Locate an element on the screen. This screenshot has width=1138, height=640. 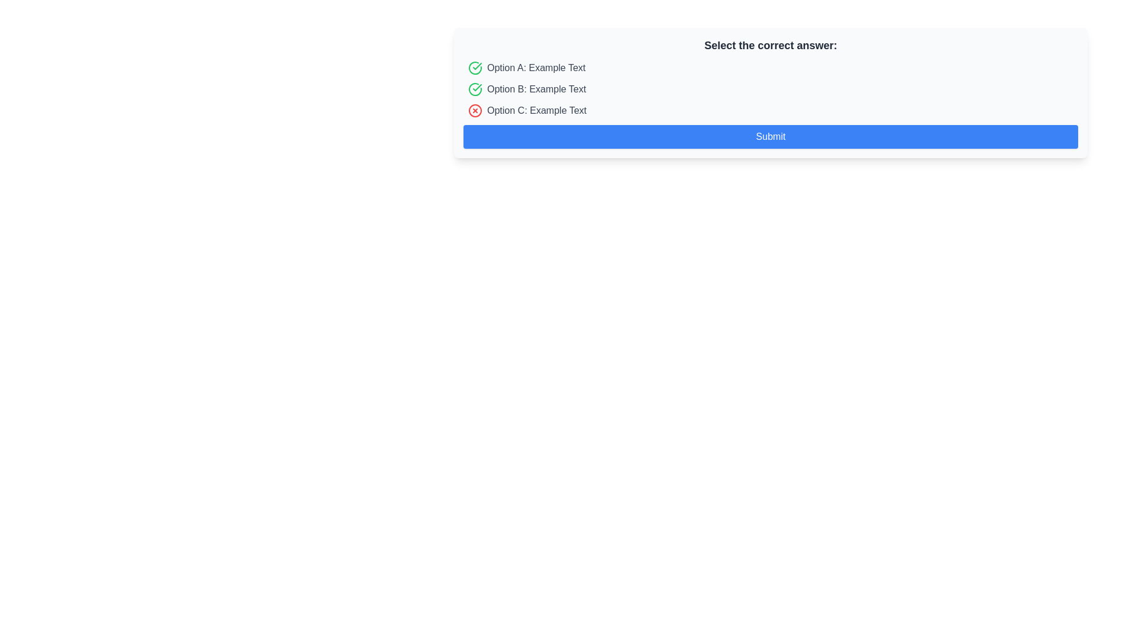
the green circular icon with a checkmark in the center is located at coordinates (475, 88).